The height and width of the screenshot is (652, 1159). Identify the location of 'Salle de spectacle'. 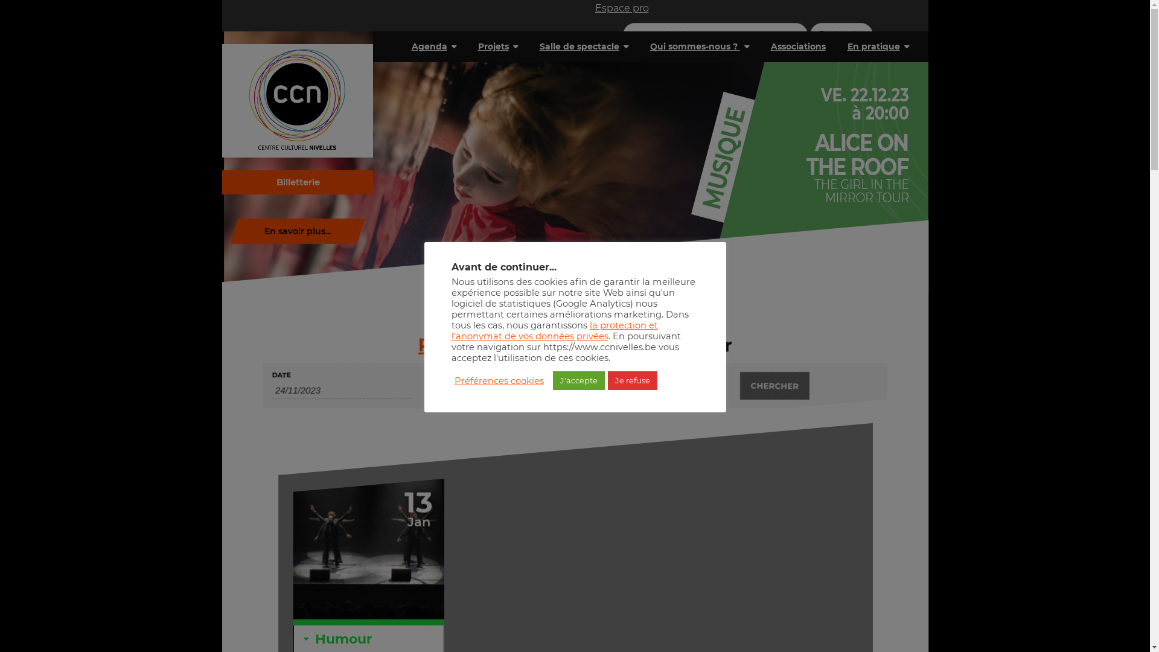
(584, 46).